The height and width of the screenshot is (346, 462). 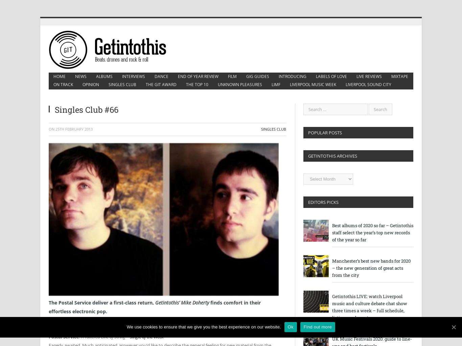 I want to click on 'Ok', so click(x=290, y=327).